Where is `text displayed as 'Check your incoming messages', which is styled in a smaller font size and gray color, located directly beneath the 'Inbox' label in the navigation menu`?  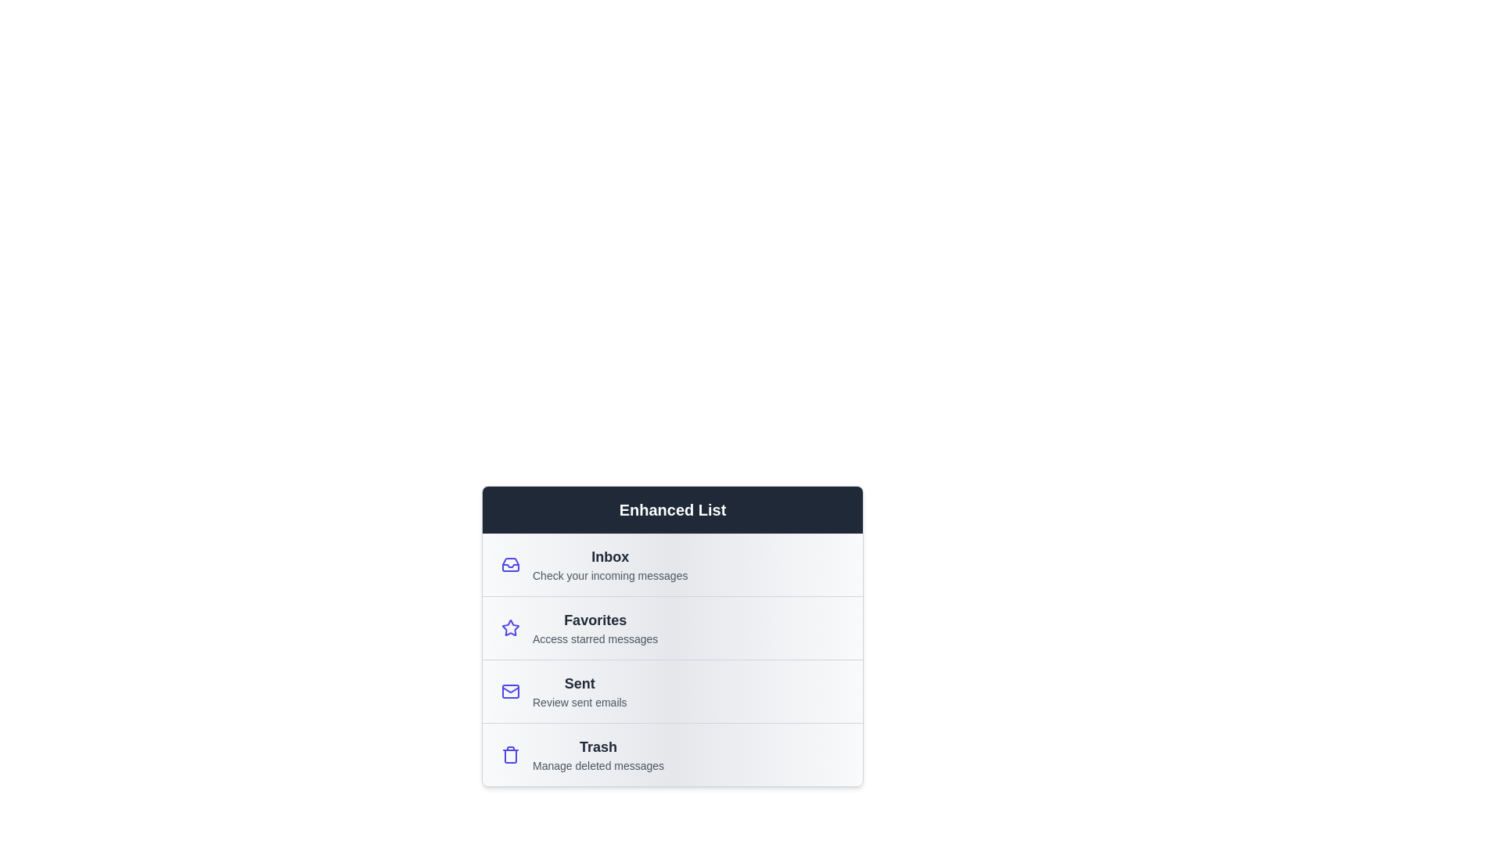 text displayed as 'Check your incoming messages', which is styled in a smaller font size and gray color, located directly beneath the 'Inbox' label in the navigation menu is located at coordinates (609, 576).